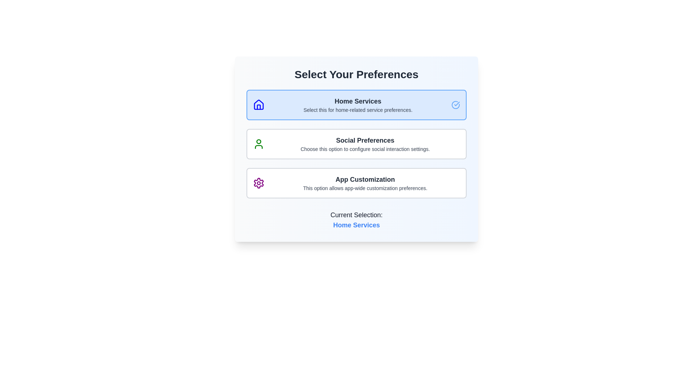 The width and height of the screenshot is (695, 391). I want to click on the third menu option labeled 'App Customization' below the 'Social Preferences' option, so click(365, 182).